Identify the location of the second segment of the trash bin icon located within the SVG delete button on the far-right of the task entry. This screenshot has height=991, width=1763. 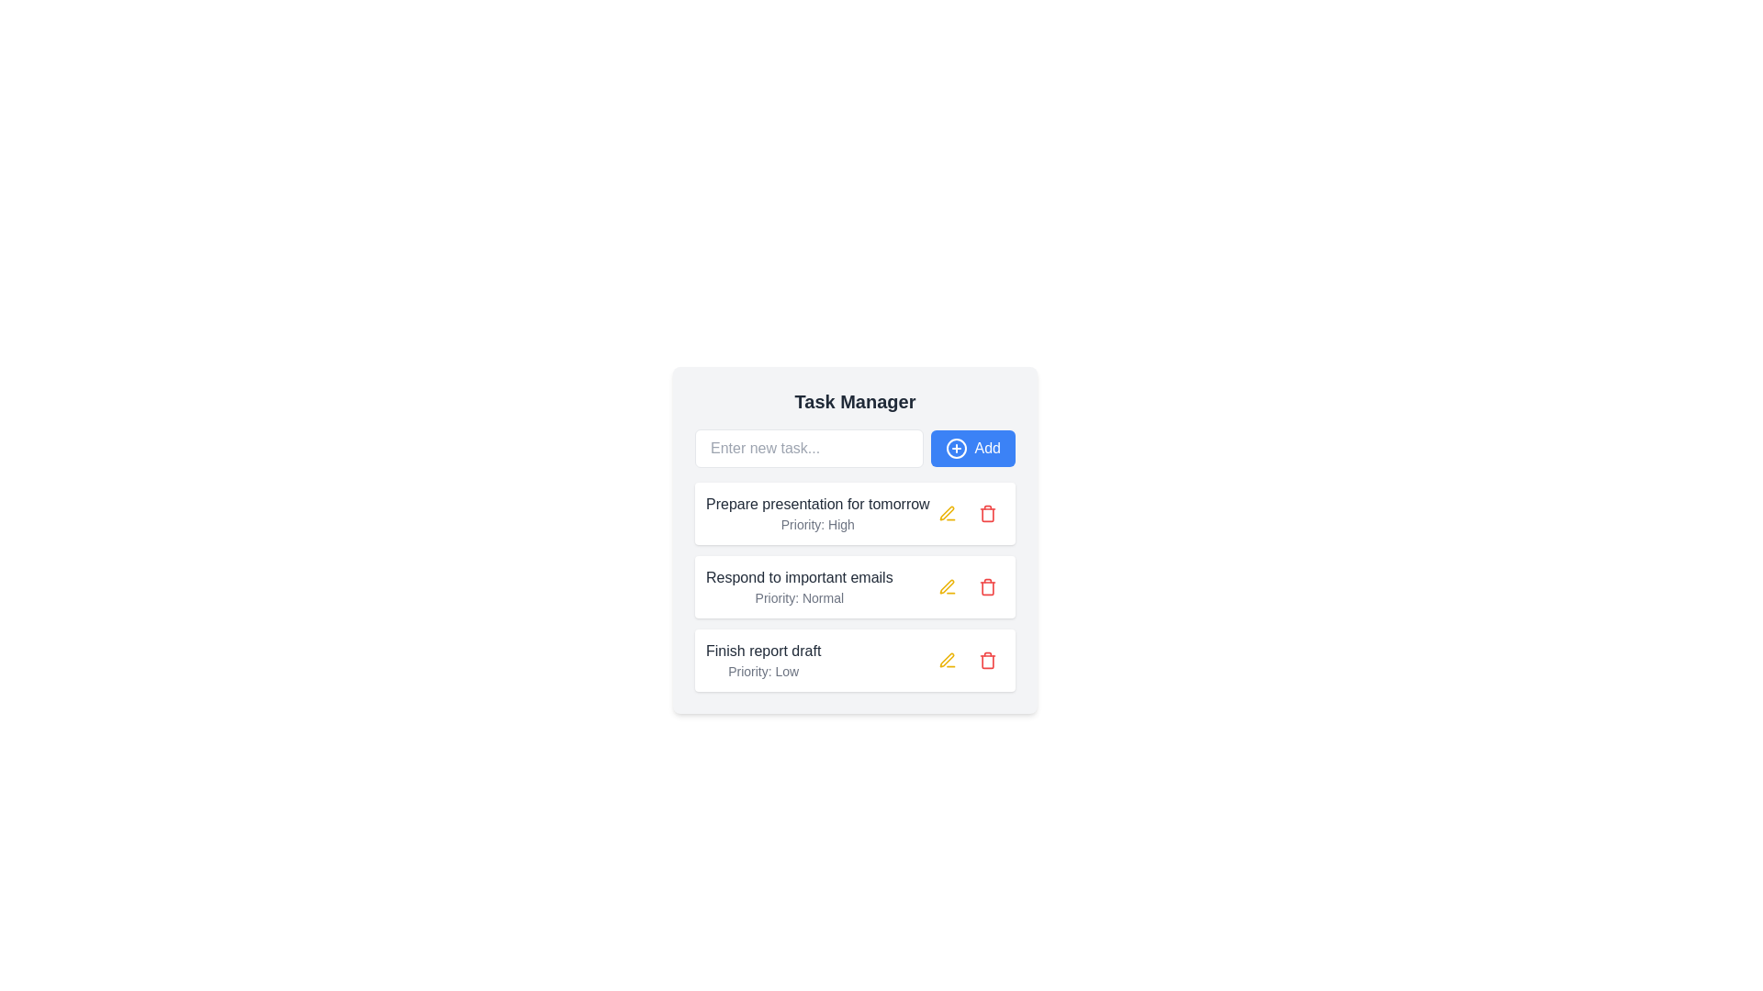
(986, 587).